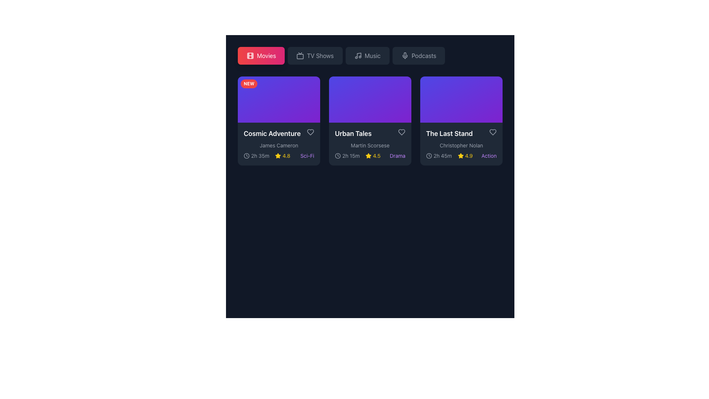 The width and height of the screenshot is (709, 399). I want to click on the 'Podcasts' text label within the dark rectangular button in the header section, so click(424, 55).